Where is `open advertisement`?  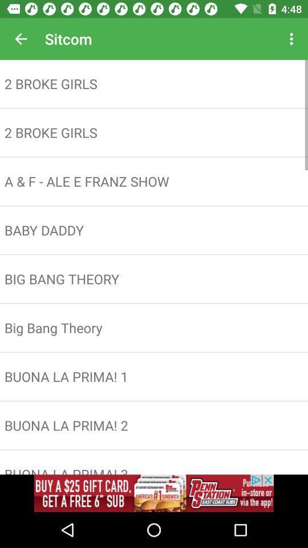 open advertisement is located at coordinates (154, 493).